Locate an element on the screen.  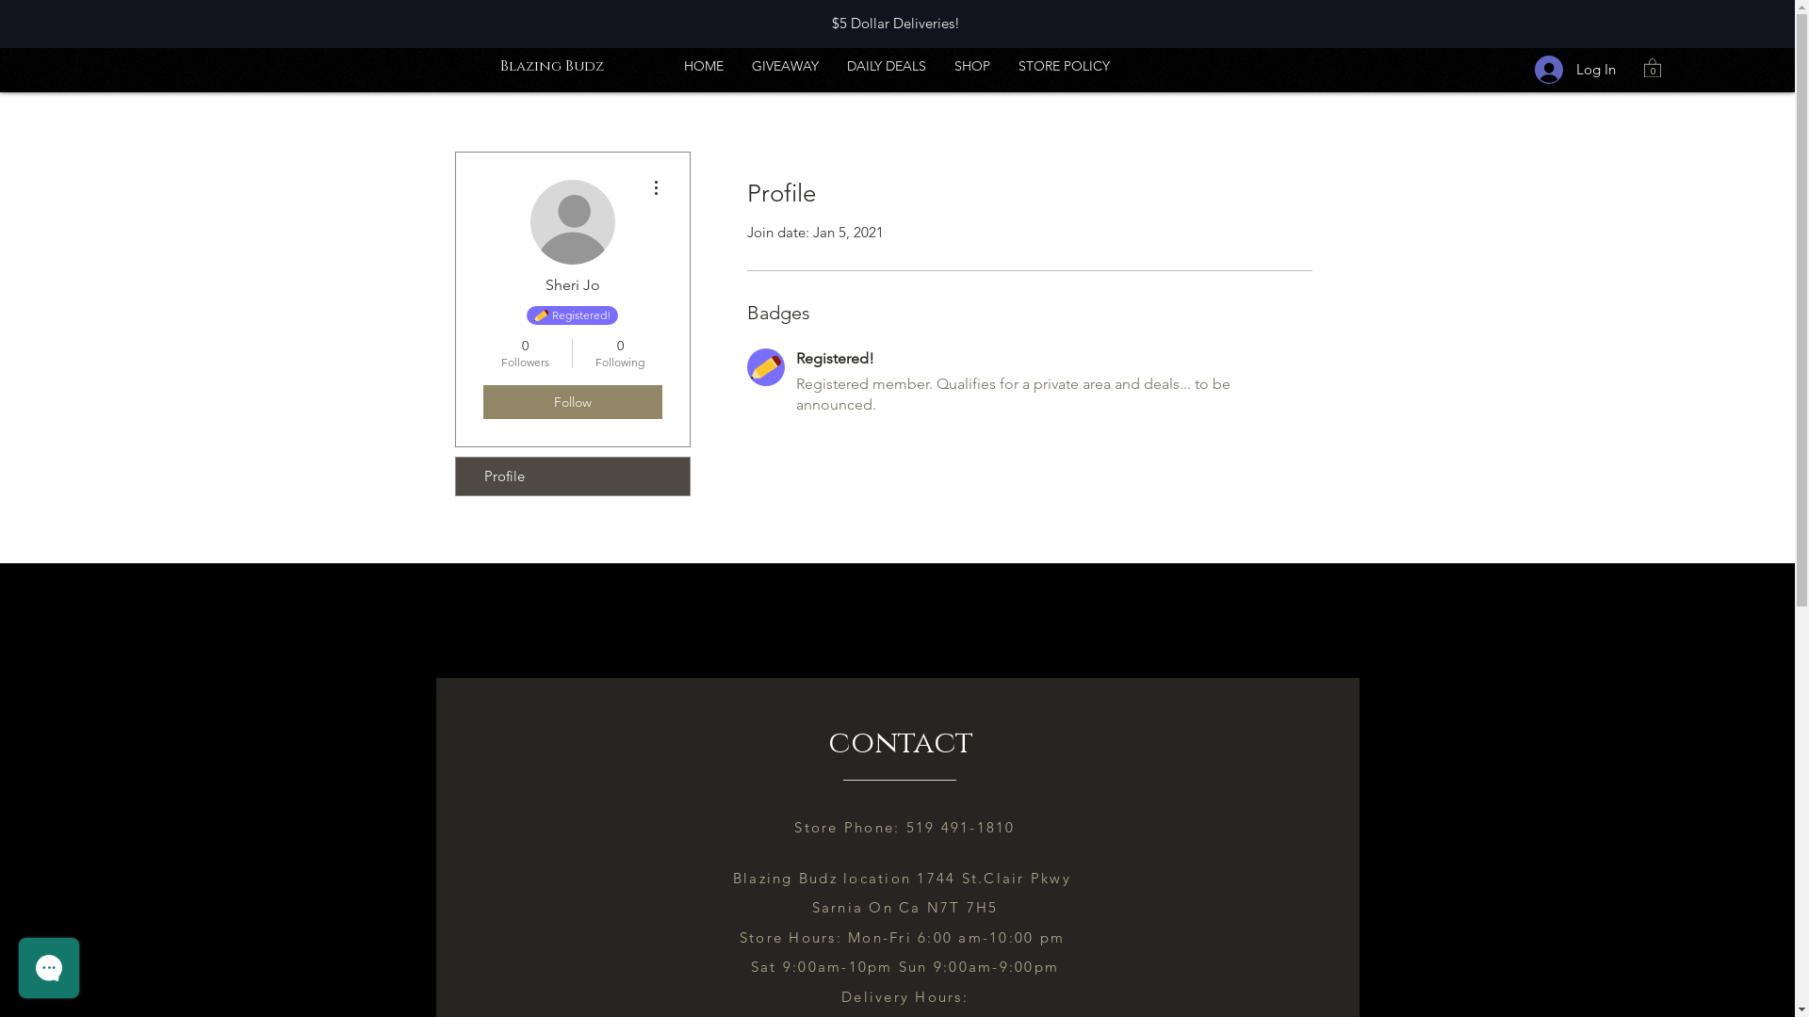
'Profile' is located at coordinates (572, 475).